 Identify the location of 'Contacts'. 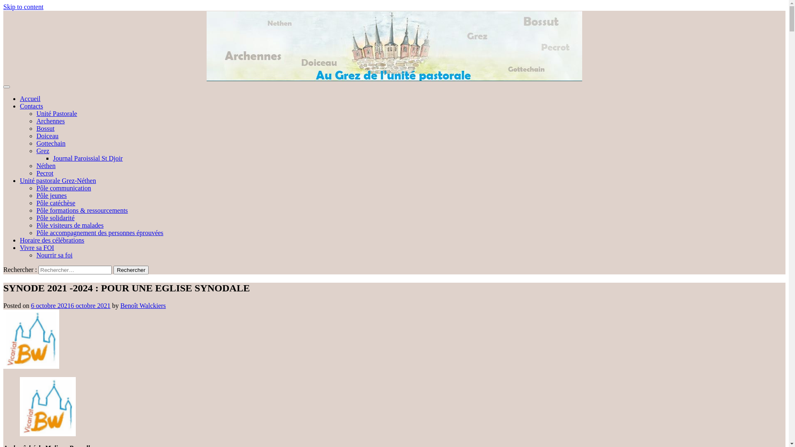
(31, 106).